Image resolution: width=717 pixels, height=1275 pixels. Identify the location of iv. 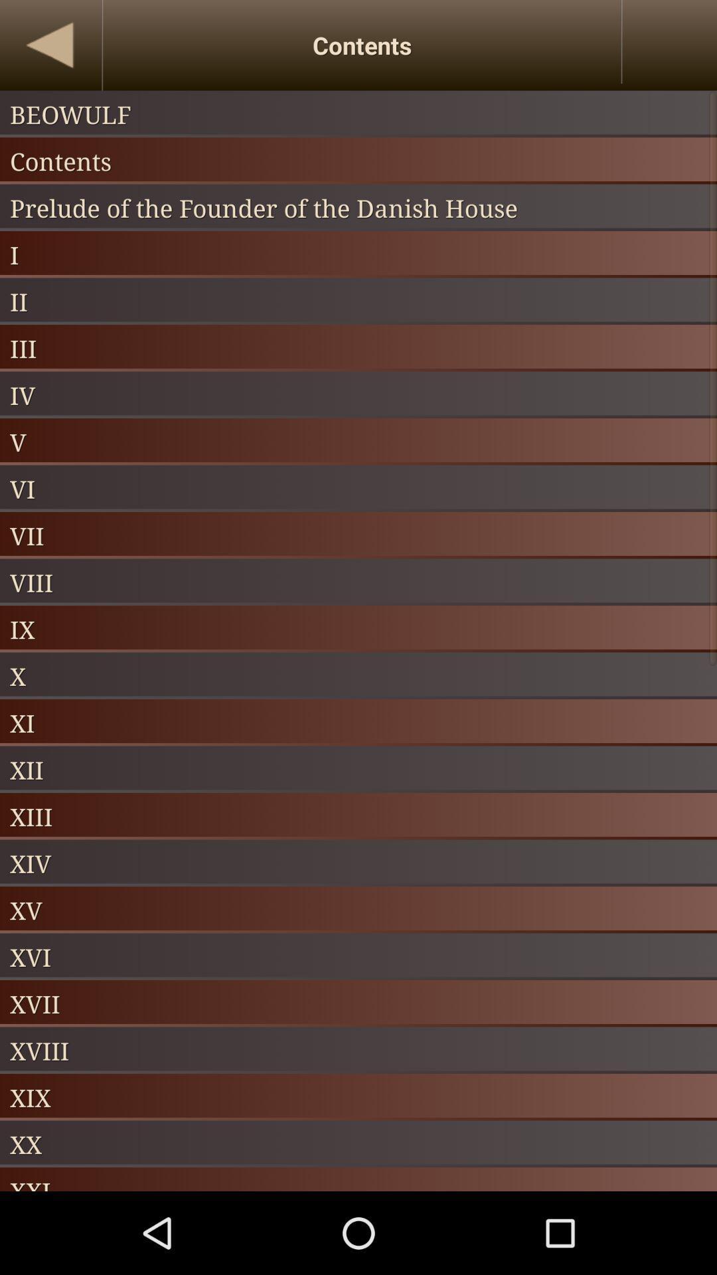
(358, 394).